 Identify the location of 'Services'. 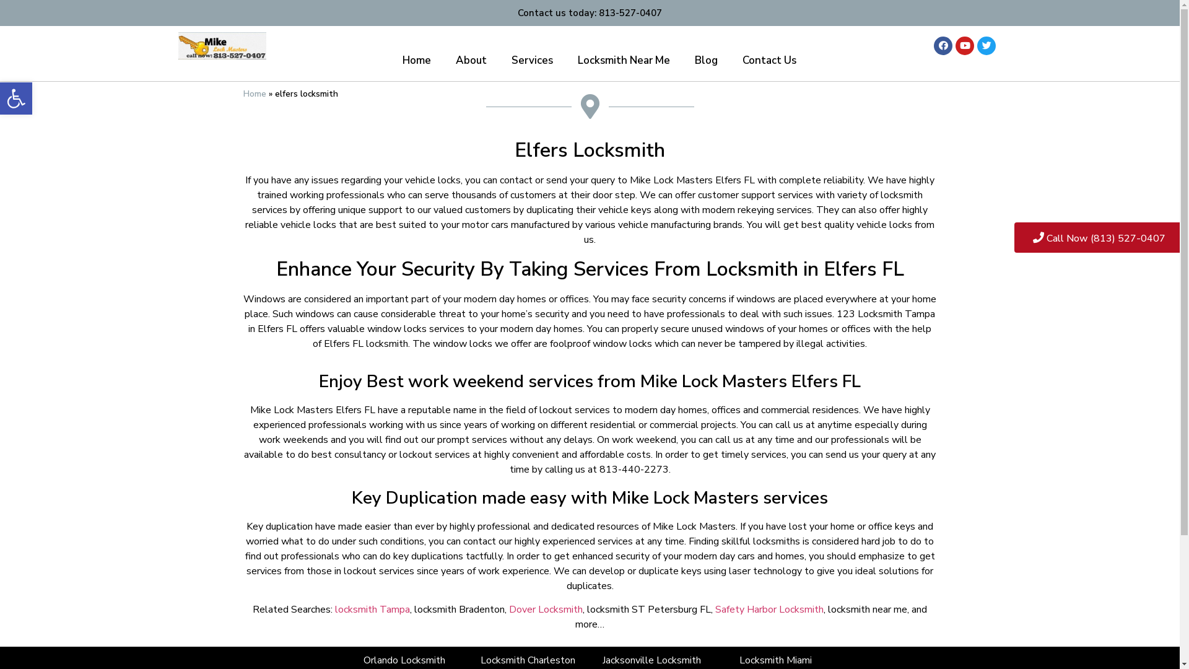
(532, 60).